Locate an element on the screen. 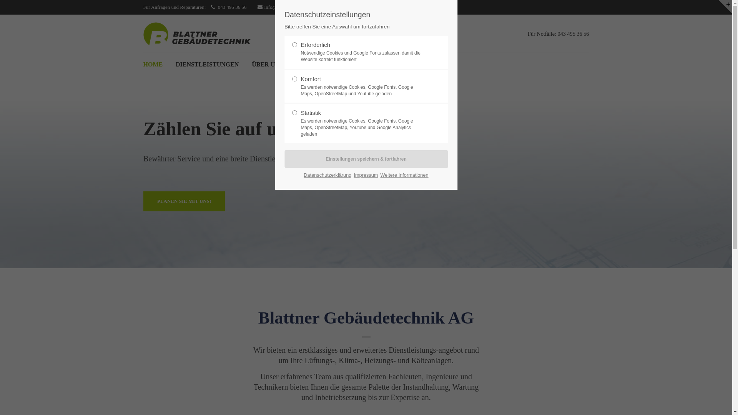  'Weitere Informationen' is located at coordinates (404, 175).